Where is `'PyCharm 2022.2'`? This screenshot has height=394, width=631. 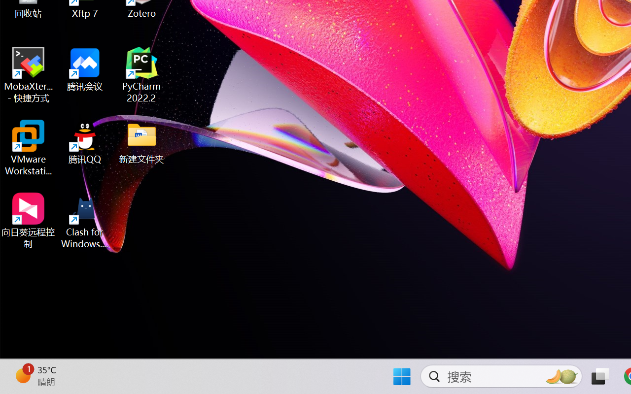 'PyCharm 2022.2' is located at coordinates (141, 75).